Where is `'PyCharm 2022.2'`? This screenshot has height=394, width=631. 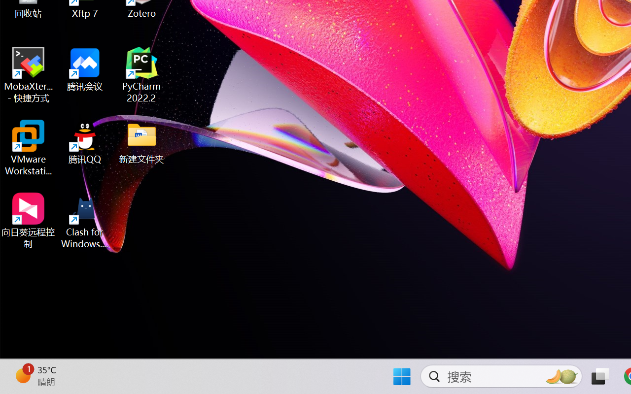 'PyCharm 2022.2' is located at coordinates (141, 75).